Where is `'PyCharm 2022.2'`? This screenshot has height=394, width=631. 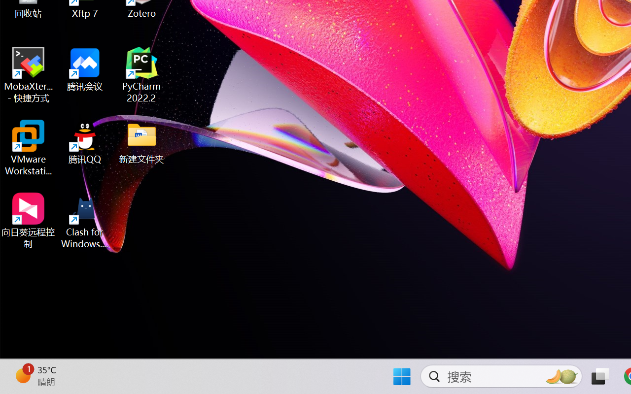 'PyCharm 2022.2' is located at coordinates (141, 75).